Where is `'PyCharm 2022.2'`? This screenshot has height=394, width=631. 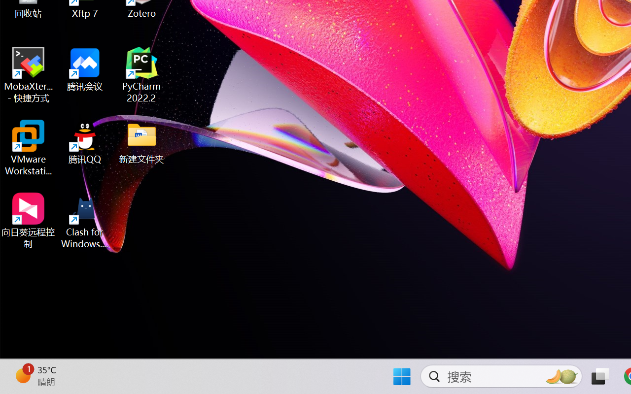 'PyCharm 2022.2' is located at coordinates (141, 75).